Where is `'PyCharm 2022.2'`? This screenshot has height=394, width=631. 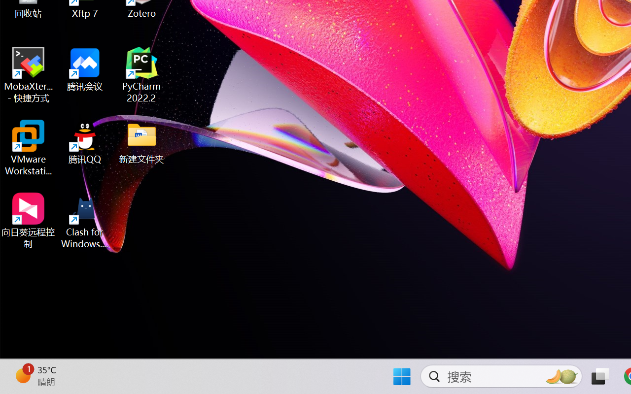 'PyCharm 2022.2' is located at coordinates (141, 75).